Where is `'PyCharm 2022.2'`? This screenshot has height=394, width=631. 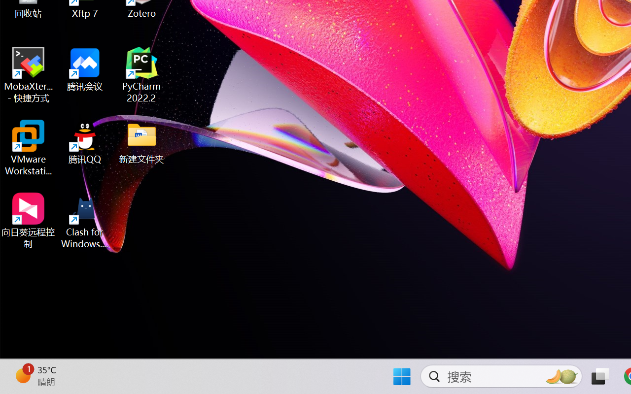 'PyCharm 2022.2' is located at coordinates (141, 75).